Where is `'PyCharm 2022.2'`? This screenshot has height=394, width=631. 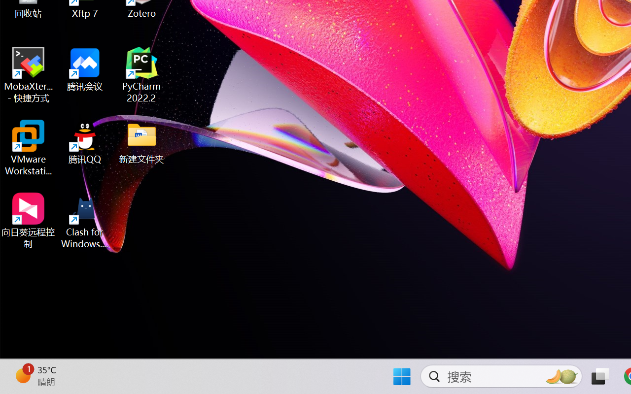 'PyCharm 2022.2' is located at coordinates (141, 75).